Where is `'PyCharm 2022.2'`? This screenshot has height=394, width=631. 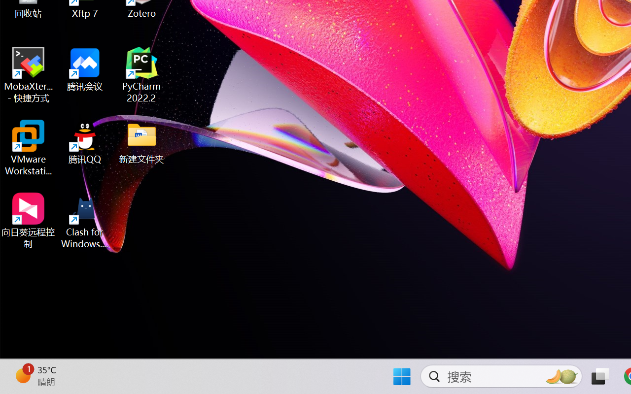 'PyCharm 2022.2' is located at coordinates (141, 75).